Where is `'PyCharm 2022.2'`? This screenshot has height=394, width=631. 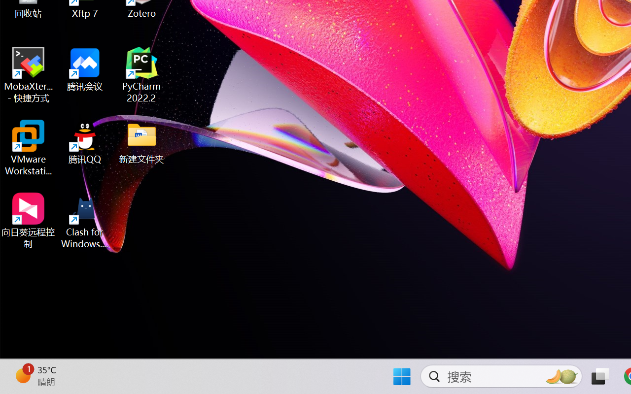 'PyCharm 2022.2' is located at coordinates (141, 75).